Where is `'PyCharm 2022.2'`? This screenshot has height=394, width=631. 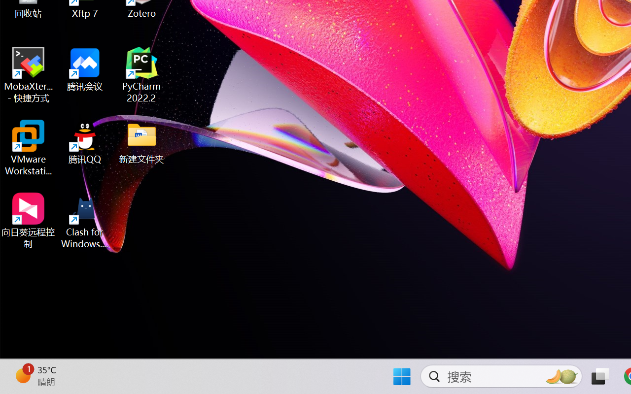 'PyCharm 2022.2' is located at coordinates (141, 75).